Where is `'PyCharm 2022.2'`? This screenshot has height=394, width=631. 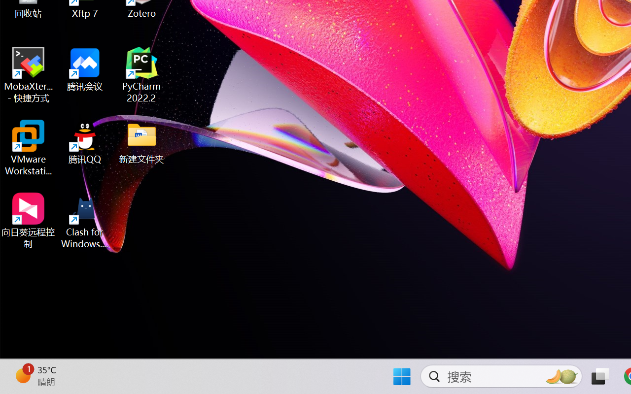 'PyCharm 2022.2' is located at coordinates (141, 75).